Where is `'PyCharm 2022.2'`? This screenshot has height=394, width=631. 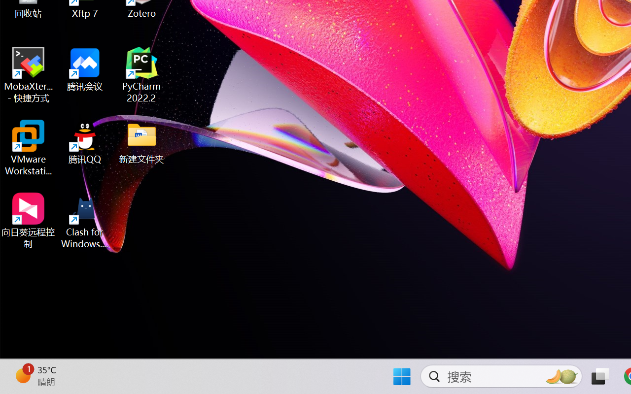 'PyCharm 2022.2' is located at coordinates (141, 75).